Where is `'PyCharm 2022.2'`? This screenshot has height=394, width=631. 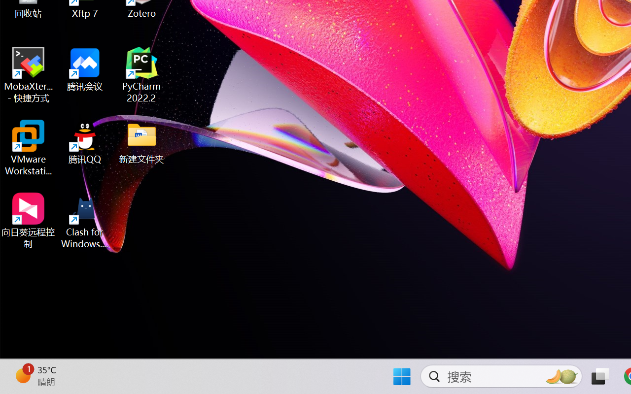 'PyCharm 2022.2' is located at coordinates (141, 75).